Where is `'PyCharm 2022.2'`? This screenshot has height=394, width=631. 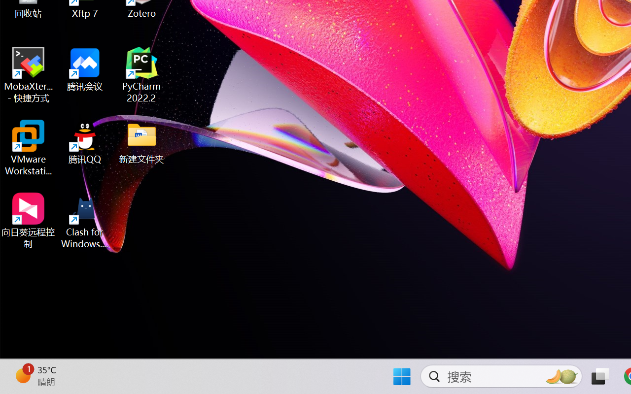 'PyCharm 2022.2' is located at coordinates (141, 75).